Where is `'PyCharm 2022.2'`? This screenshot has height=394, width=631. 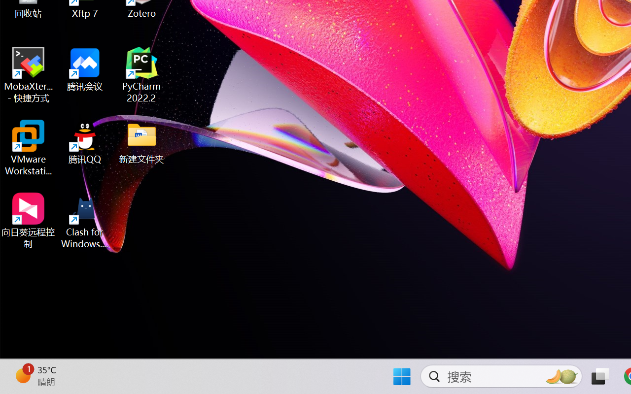 'PyCharm 2022.2' is located at coordinates (141, 75).